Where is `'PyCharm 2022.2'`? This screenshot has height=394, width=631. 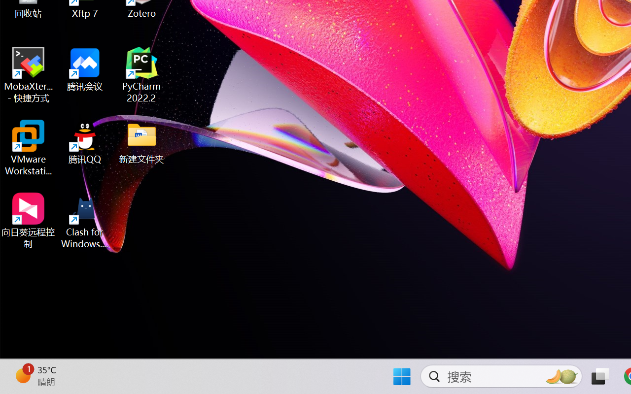 'PyCharm 2022.2' is located at coordinates (141, 75).